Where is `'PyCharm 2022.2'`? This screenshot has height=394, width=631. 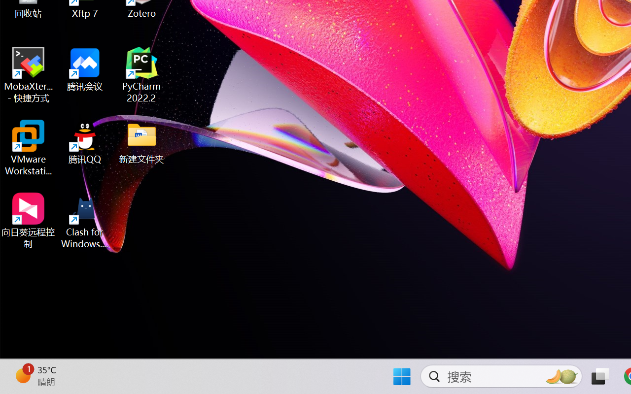 'PyCharm 2022.2' is located at coordinates (141, 75).